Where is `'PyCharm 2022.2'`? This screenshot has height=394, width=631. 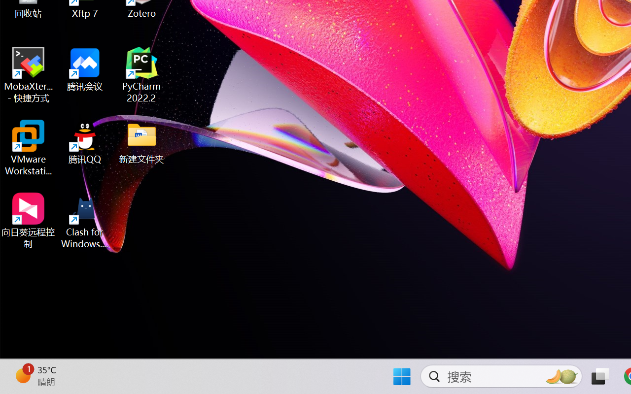 'PyCharm 2022.2' is located at coordinates (141, 75).